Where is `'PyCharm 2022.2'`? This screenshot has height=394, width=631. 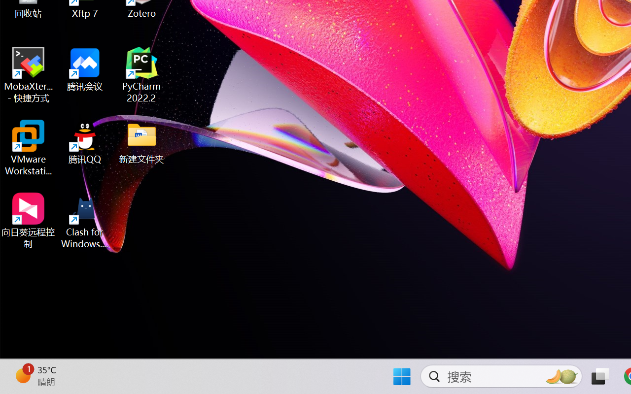 'PyCharm 2022.2' is located at coordinates (141, 75).